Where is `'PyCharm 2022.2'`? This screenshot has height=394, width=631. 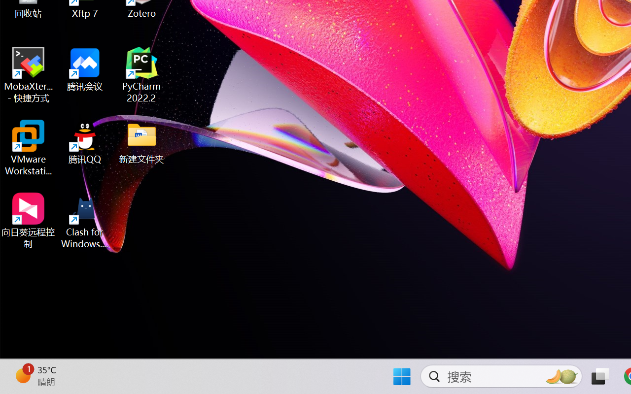 'PyCharm 2022.2' is located at coordinates (141, 75).